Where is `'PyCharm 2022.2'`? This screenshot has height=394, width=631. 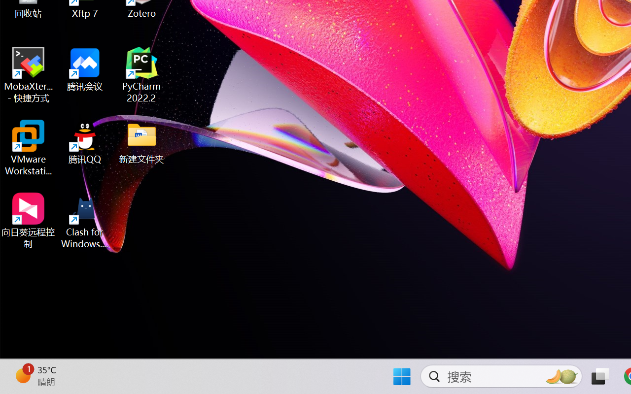 'PyCharm 2022.2' is located at coordinates (141, 75).